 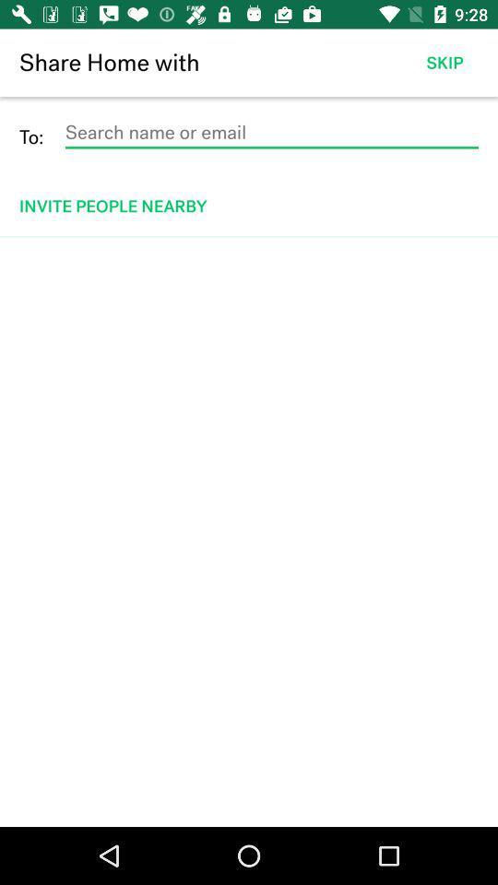 I want to click on the item to the right of the share home with item, so click(x=444, y=63).